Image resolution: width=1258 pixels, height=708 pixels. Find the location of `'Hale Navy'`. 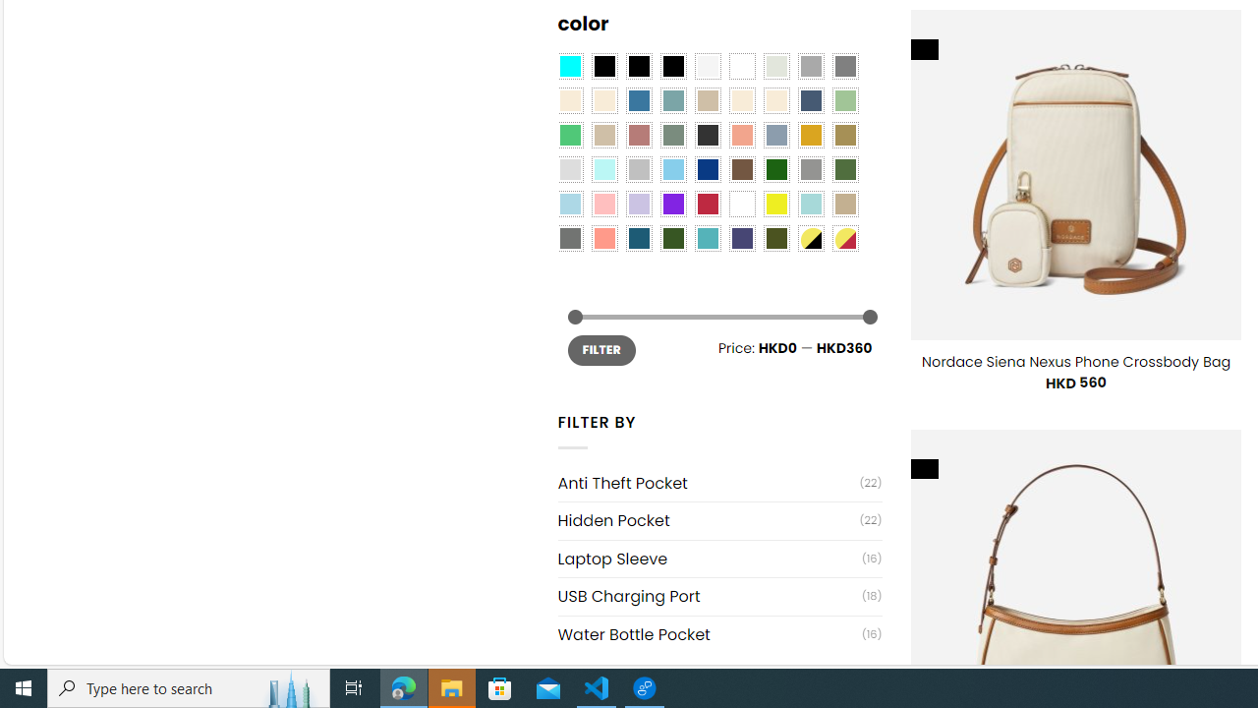

'Hale Navy' is located at coordinates (810, 100).